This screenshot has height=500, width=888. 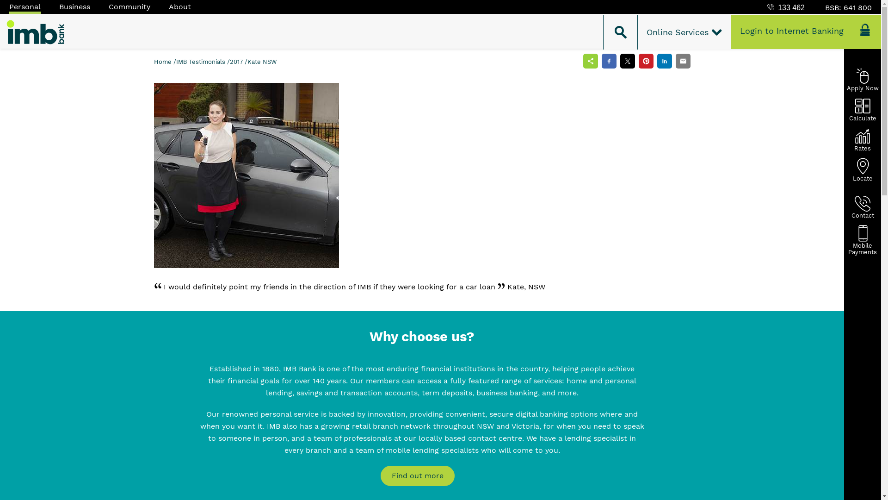 What do you see at coordinates (862, 169) in the screenshot?
I see `'Locate'` at bounding box center [862, 169].